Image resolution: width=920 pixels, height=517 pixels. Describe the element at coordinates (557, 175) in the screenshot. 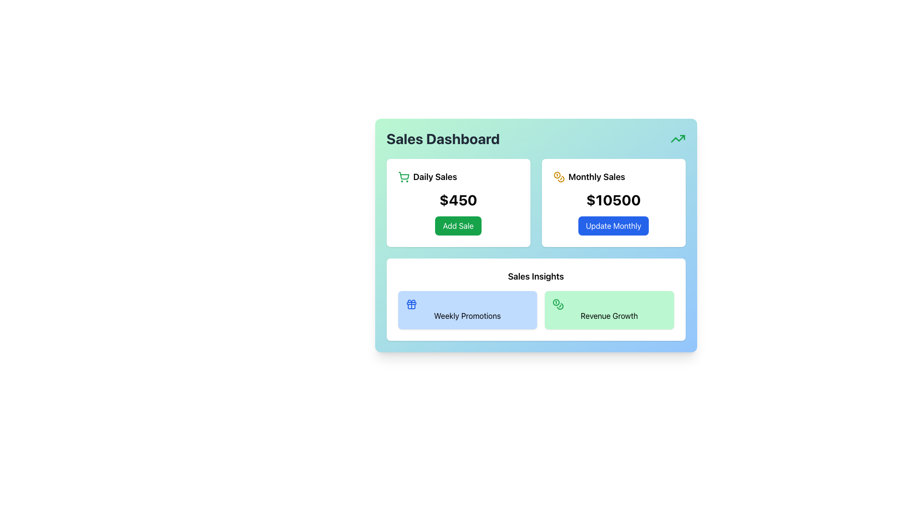

I see `the yellow graphical circle element representing coins in the 'Monthly Sales' section of the Sales Dashboard interface, located adjacent to the '$10500' text` at that location.